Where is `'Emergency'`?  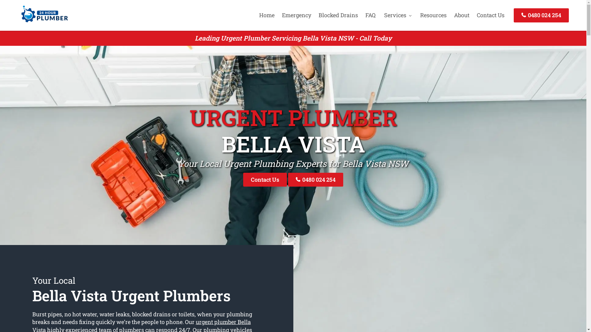 'Emergency' is located at coordinates (296, 15).